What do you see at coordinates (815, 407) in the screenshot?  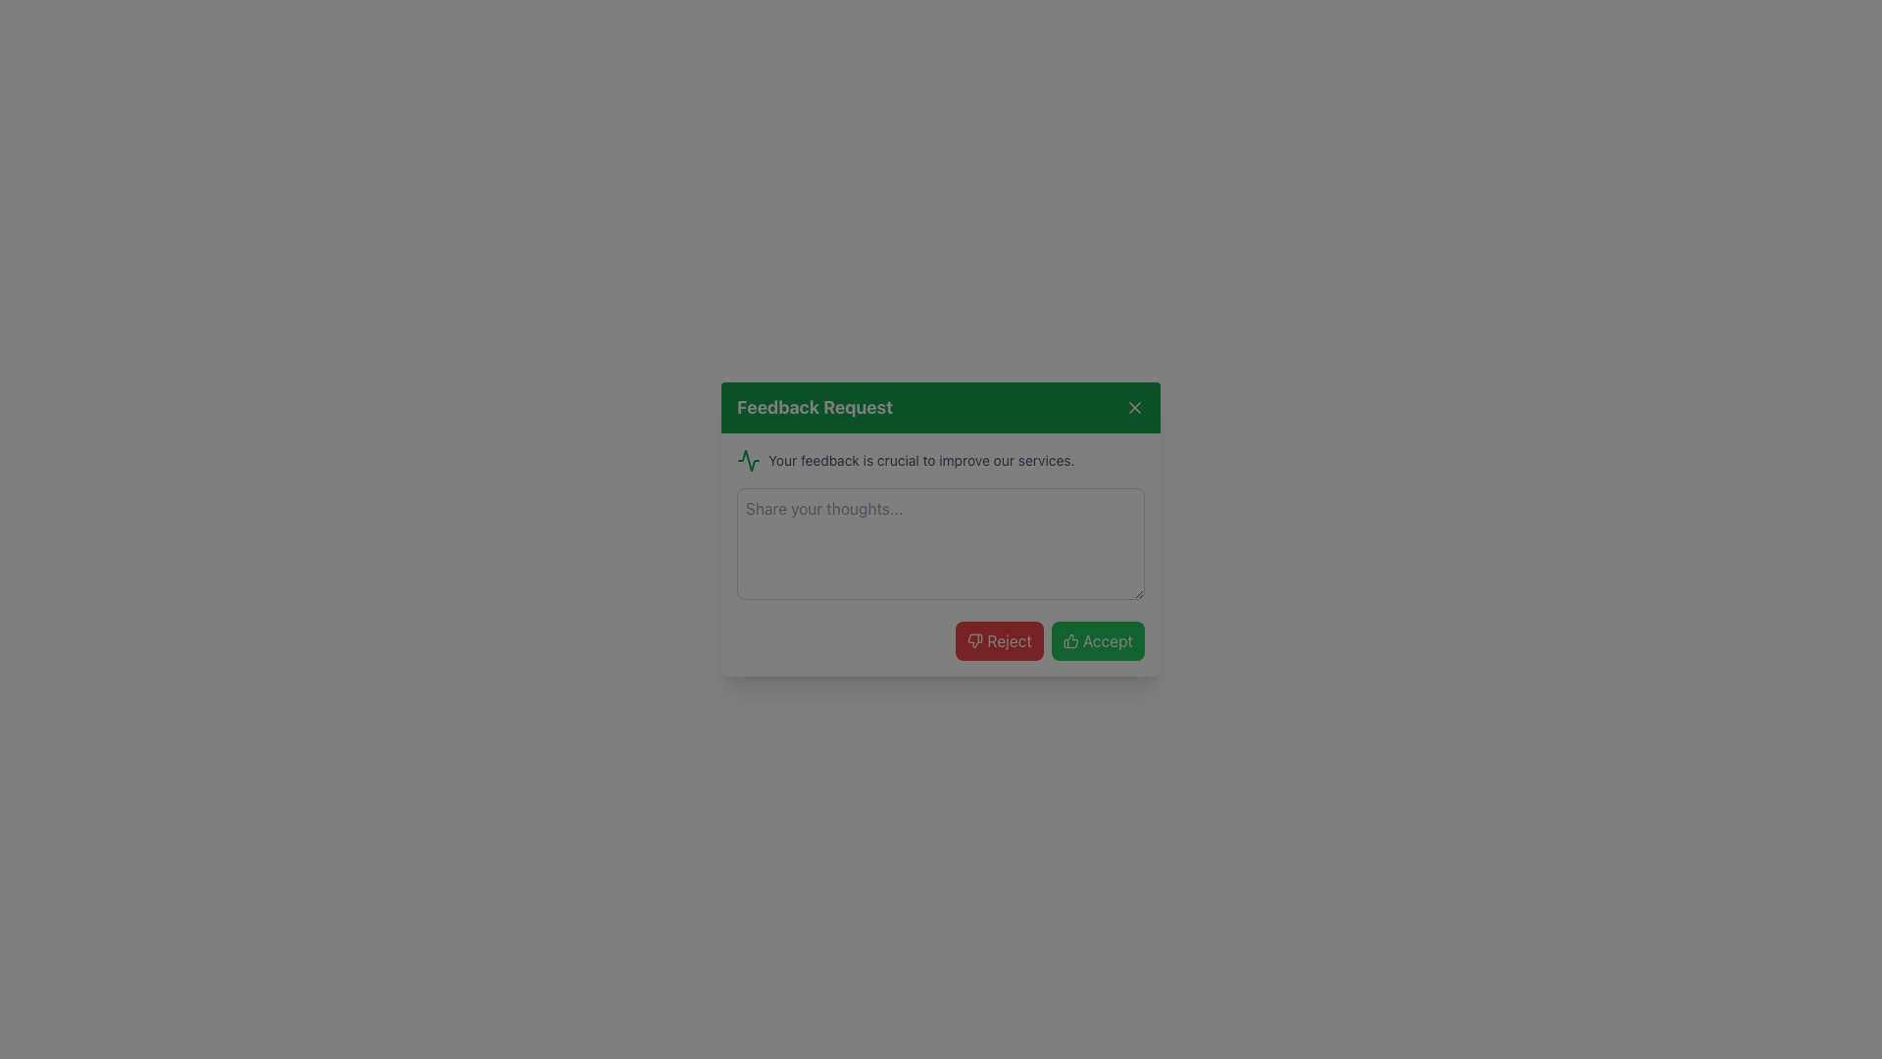 I see `the text element 'Feedback Request' located in the top green bar of the feedback form, which indicates the type of interaction the user is engaging with` at bounding box center [815, 407].